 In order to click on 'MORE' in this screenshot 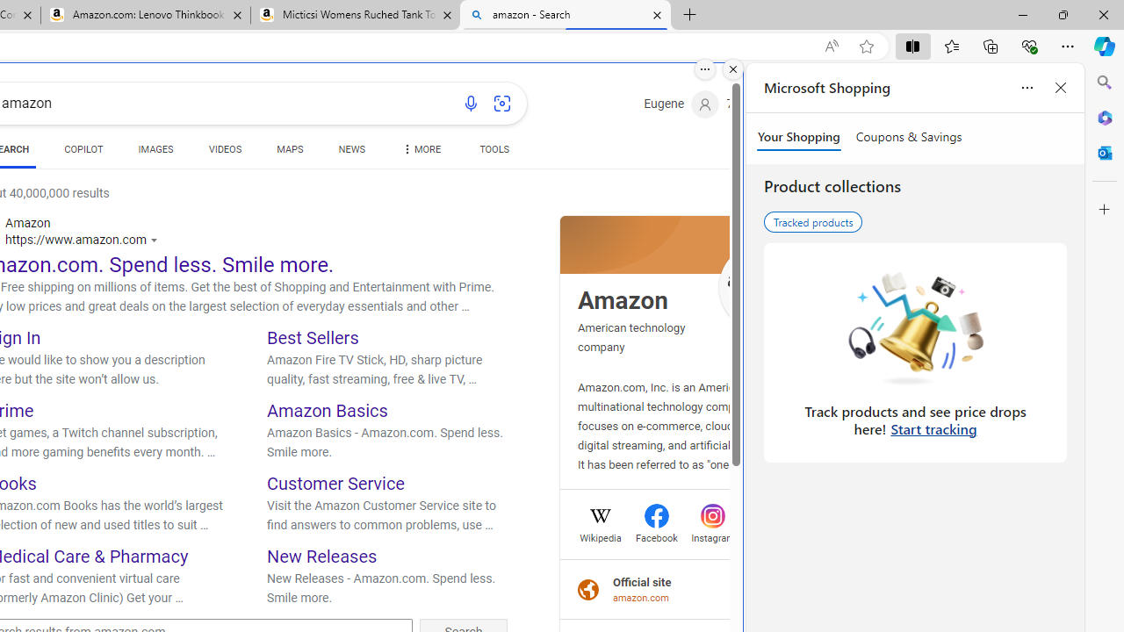, I will do `click(419, 151)`.